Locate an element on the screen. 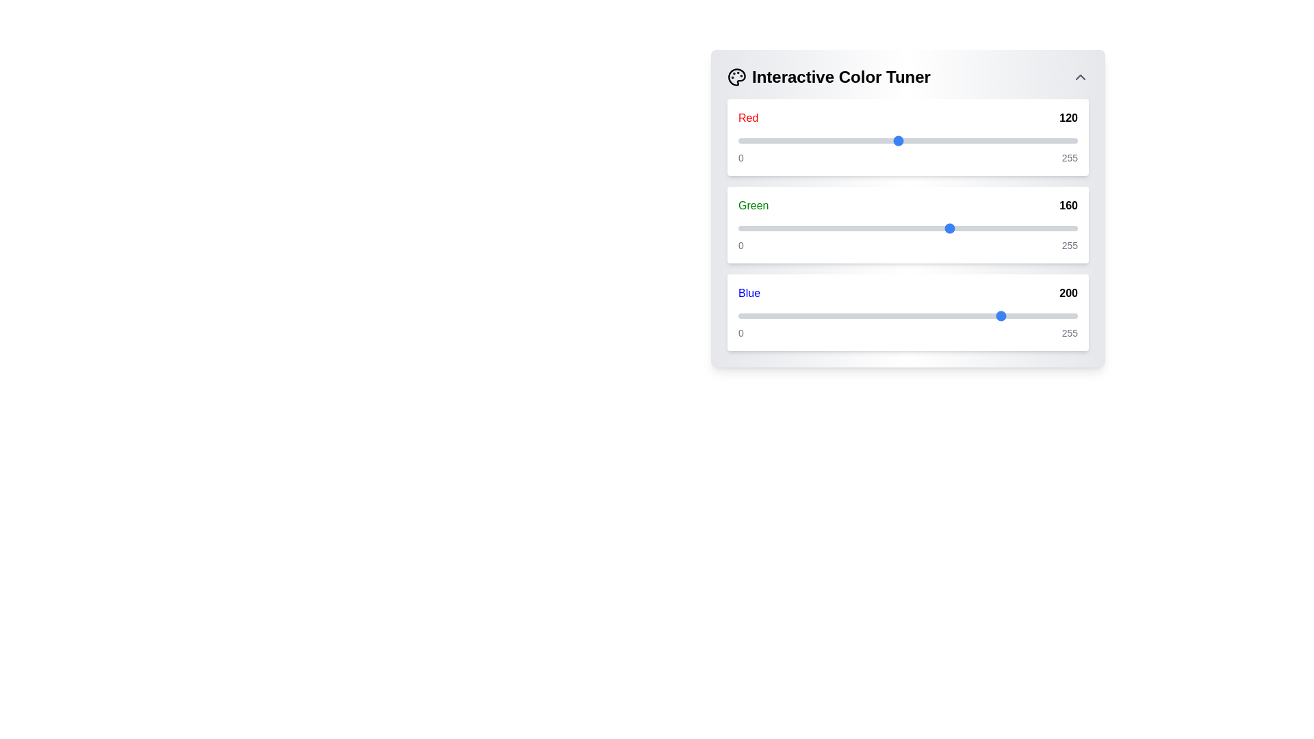 This screenshot has height=739, width=1314. the green color intensity is located at coordinates (944, 228).